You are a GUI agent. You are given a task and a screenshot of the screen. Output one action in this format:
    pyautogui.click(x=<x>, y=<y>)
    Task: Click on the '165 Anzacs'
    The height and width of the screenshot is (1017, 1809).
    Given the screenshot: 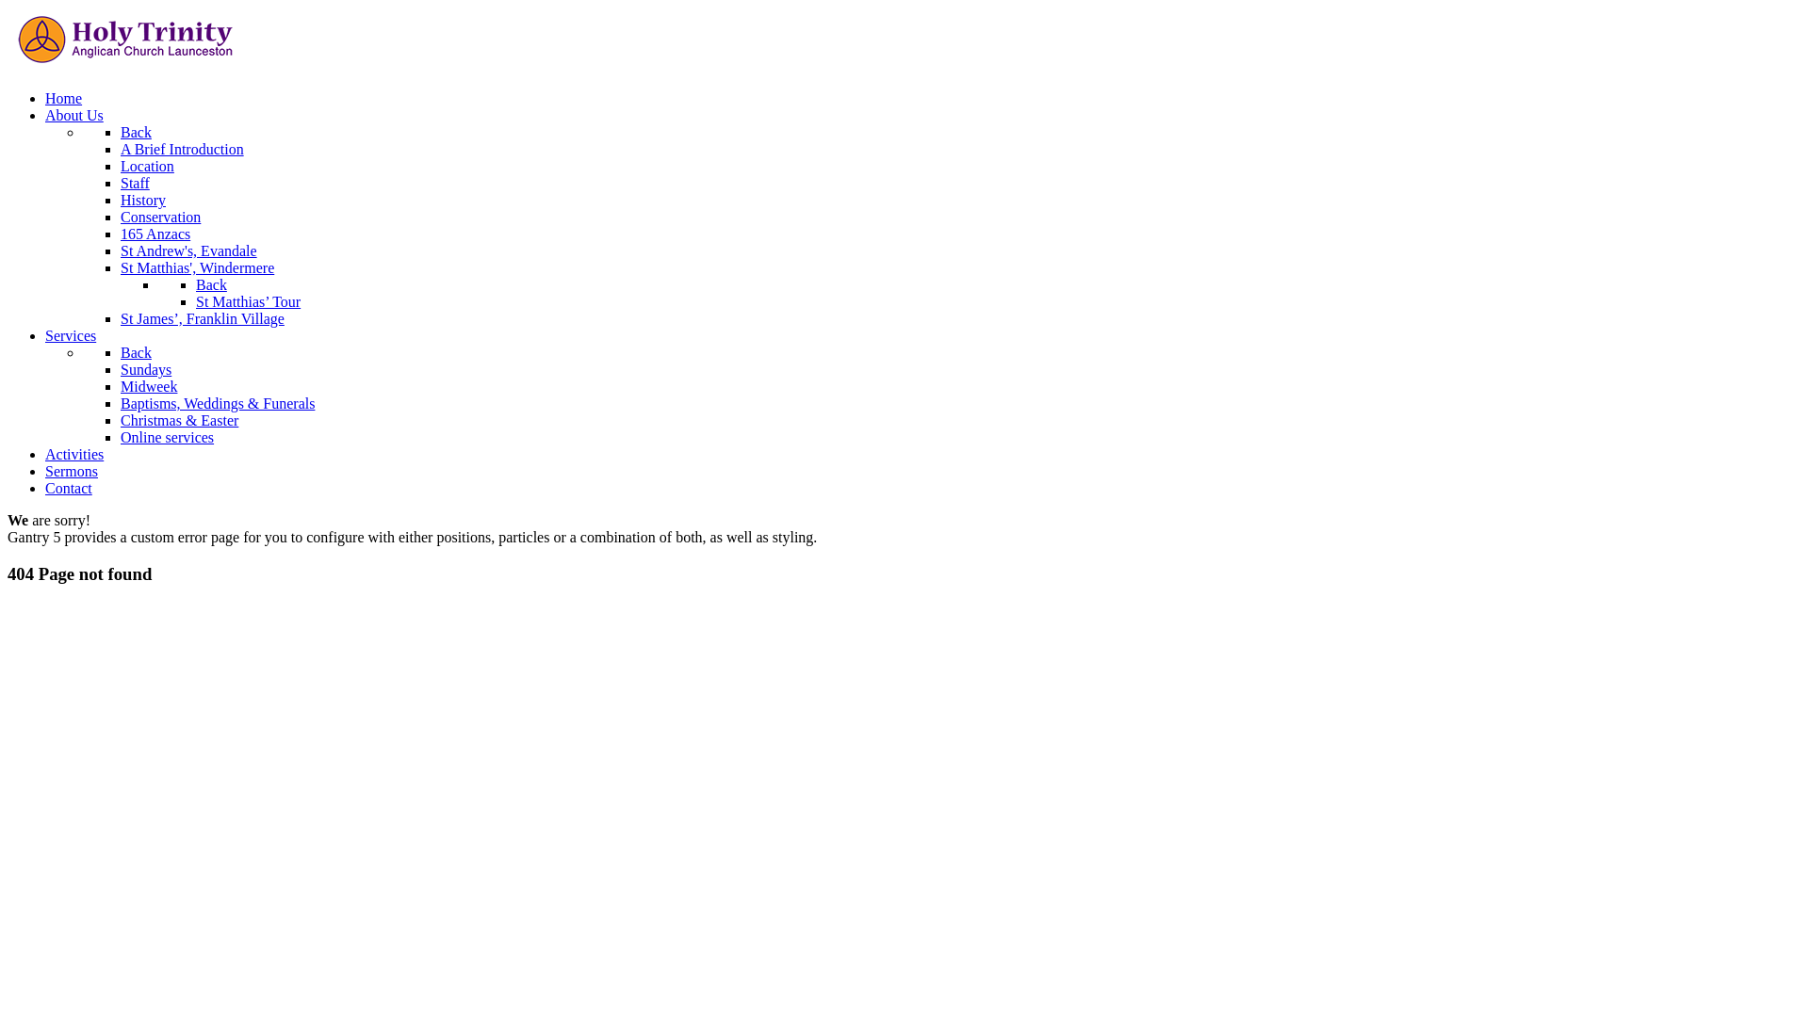 What is the action you would take?
    pyautogui.click(x=155, y=233)
    